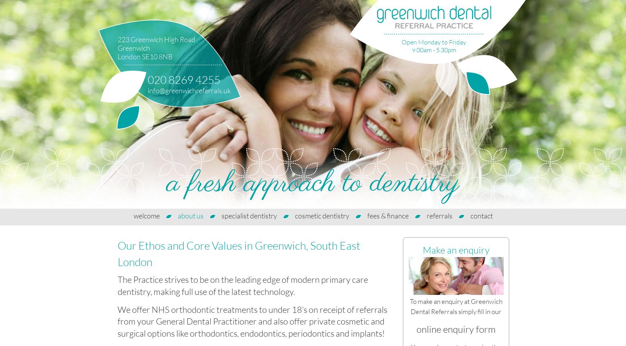 Image resolution: width=626 pixels, height=346 pixels. I want to click on 'contact', so click(481, 215).